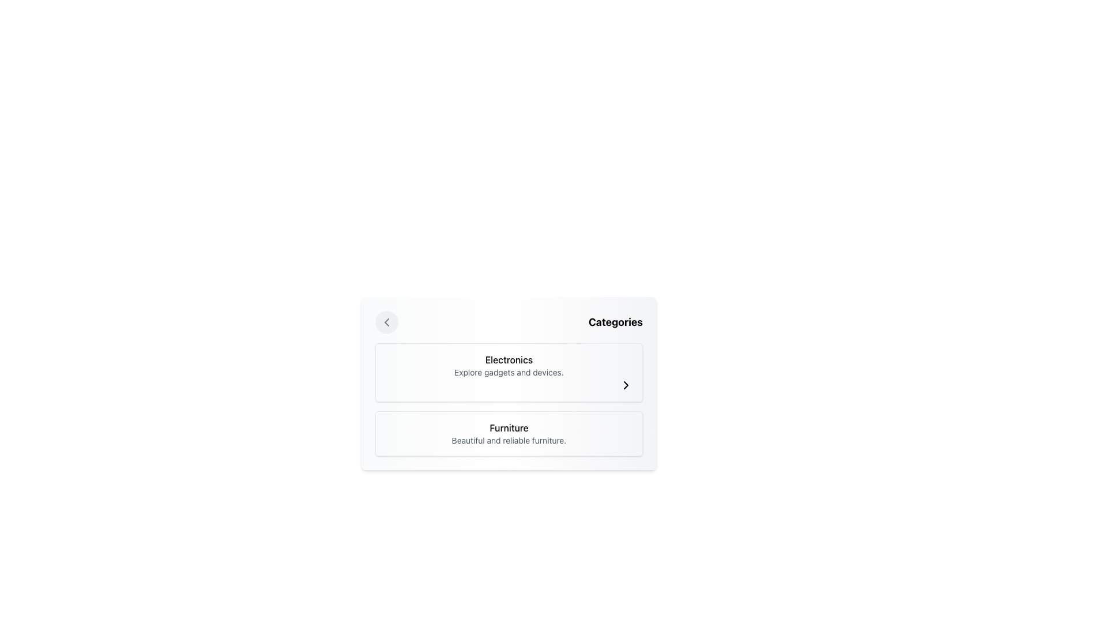 Image resolution: width=1107 pixels, height=623 pixels. What do you see at coordinates (509, 440) in the screenshot?
I see `the description text element located below the 'Furniture' label within the bordered rectangular card, positioned towards the middle-right of the interface` at bounding box center [509, 440].